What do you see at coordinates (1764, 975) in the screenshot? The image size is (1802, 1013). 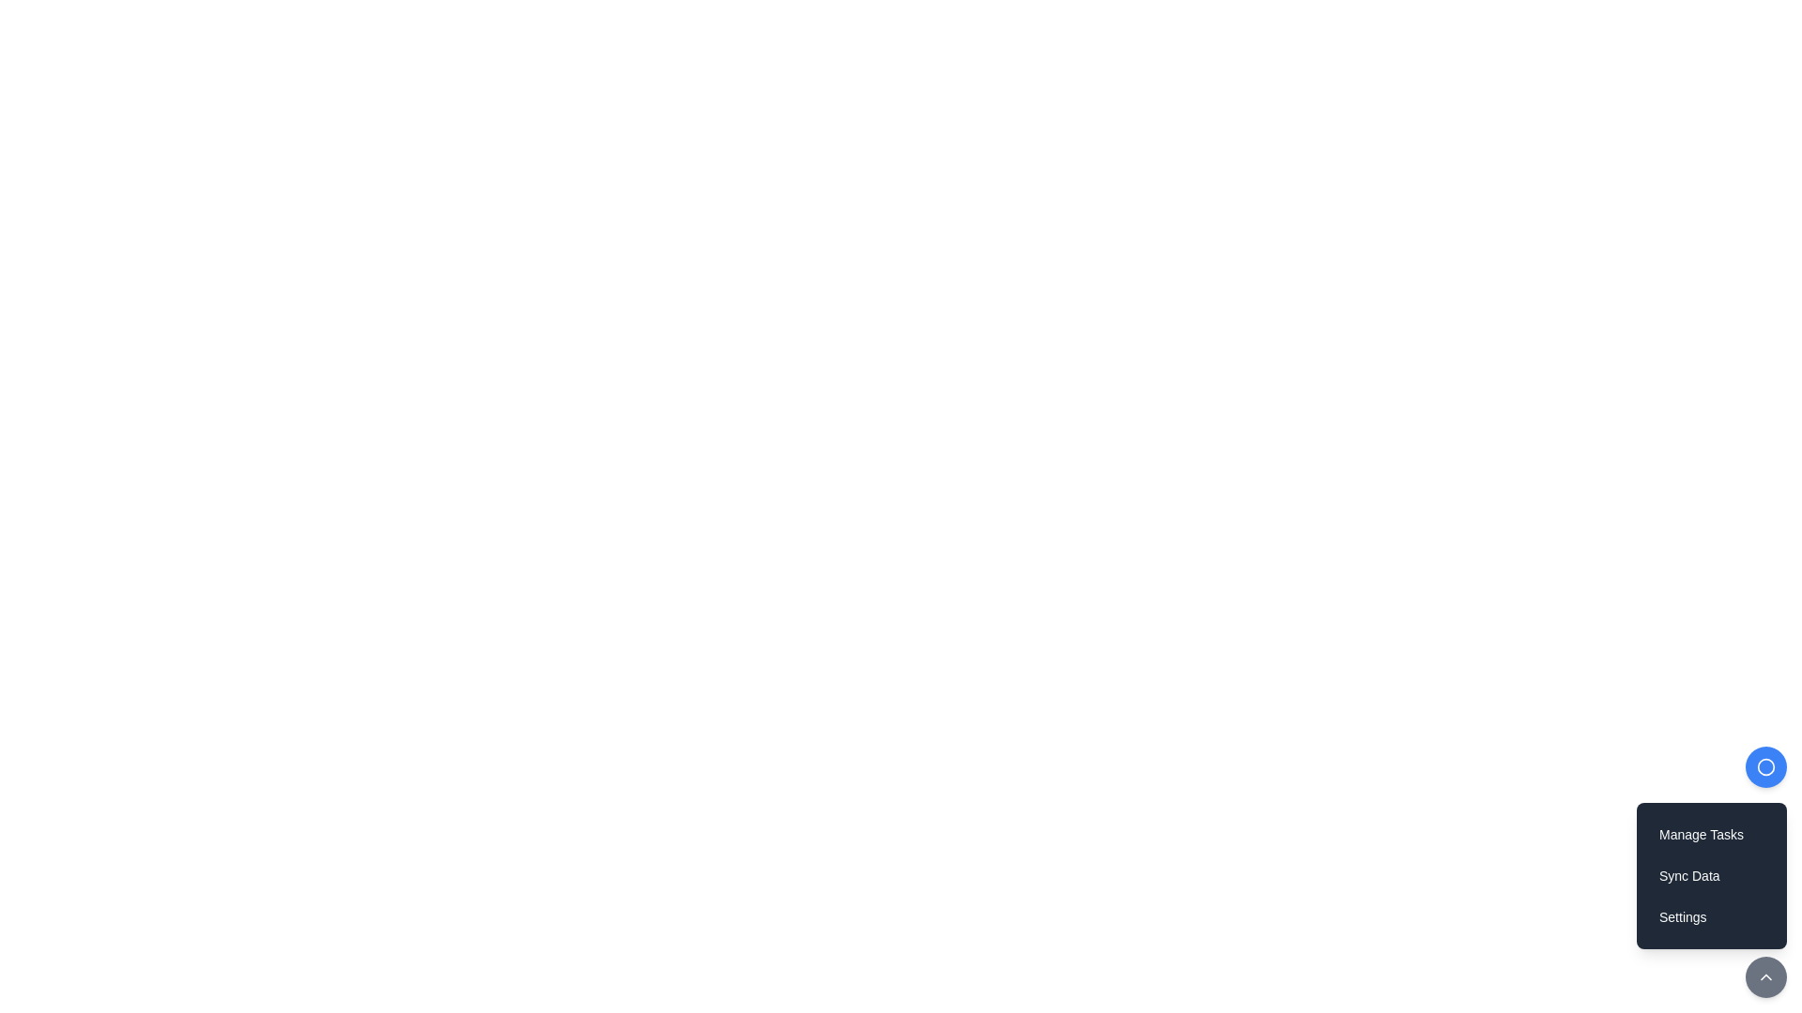 I see `the button located at the bottom-right corner of the interface, which activates functionality to collapse or hide the menu above it` at bounding box center [1764, 975].